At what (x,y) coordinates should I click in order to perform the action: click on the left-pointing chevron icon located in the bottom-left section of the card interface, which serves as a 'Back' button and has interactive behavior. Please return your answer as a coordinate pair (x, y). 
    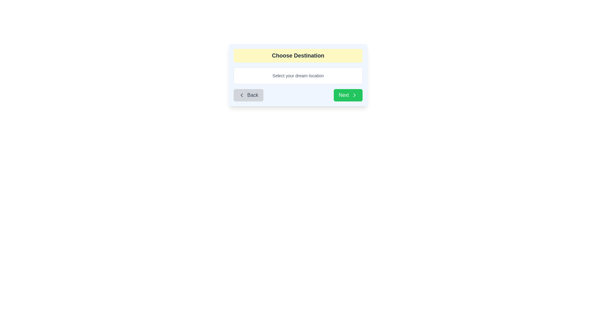
    Looking at the image, I should click on (241, 95).